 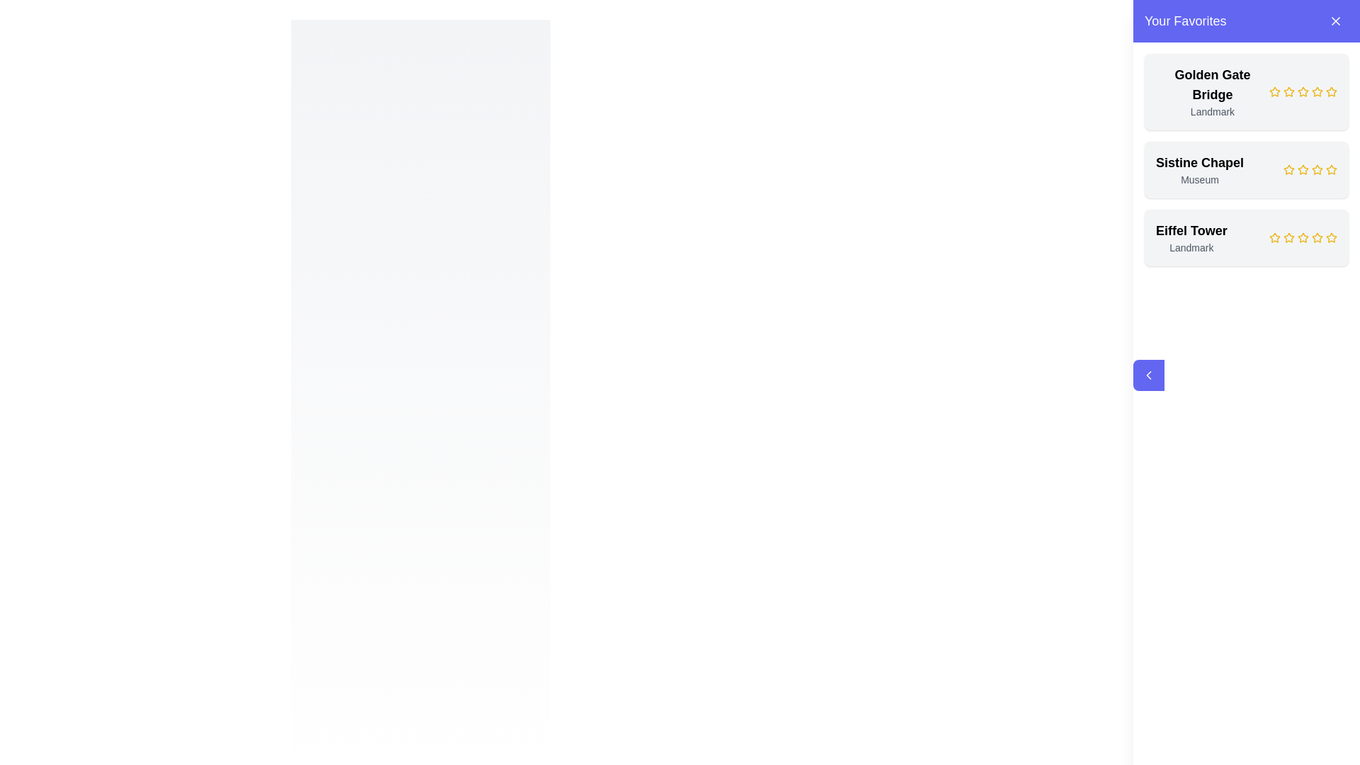 I want to click on the yellow hollow star icon located next to the 'Golden Gate Bridge' text in the 'Your Favorites' section to rate it, so click(x=1275, y=91).